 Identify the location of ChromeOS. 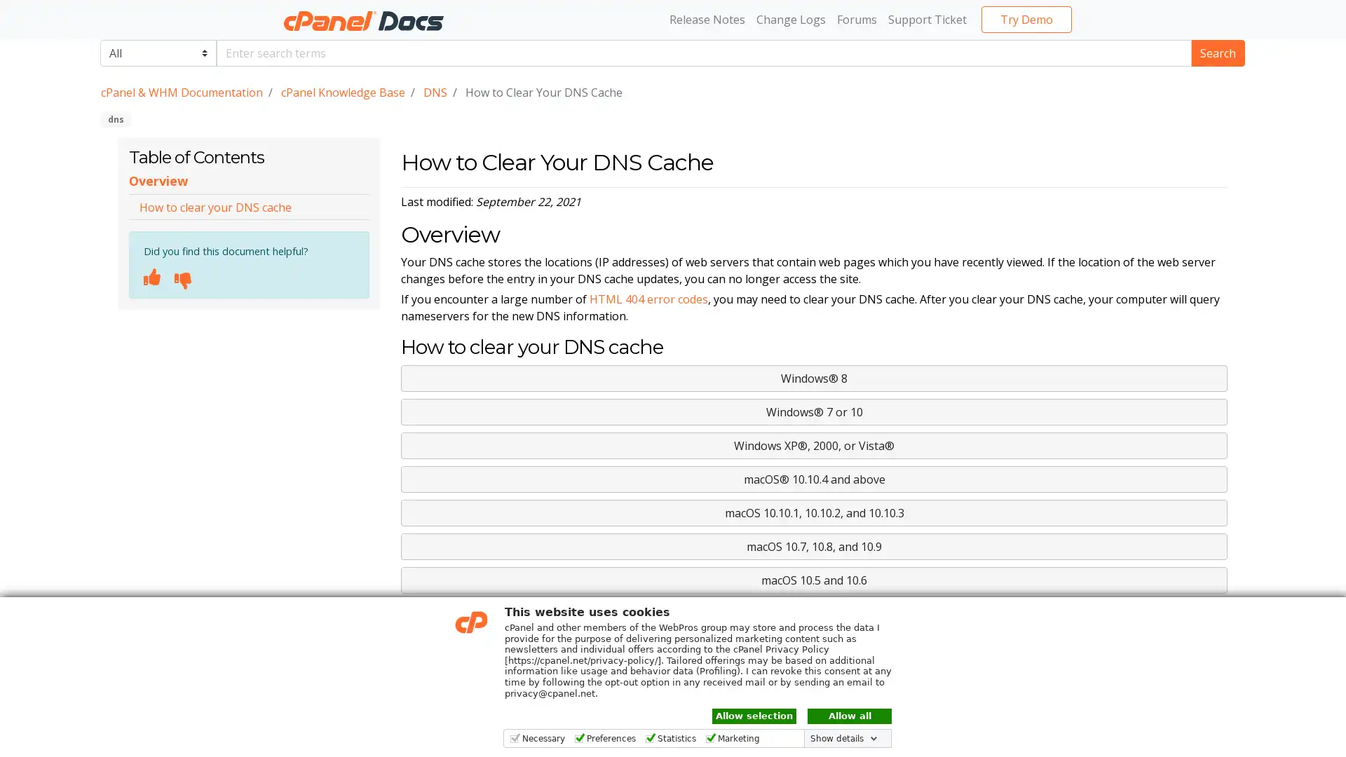
(814, 613).